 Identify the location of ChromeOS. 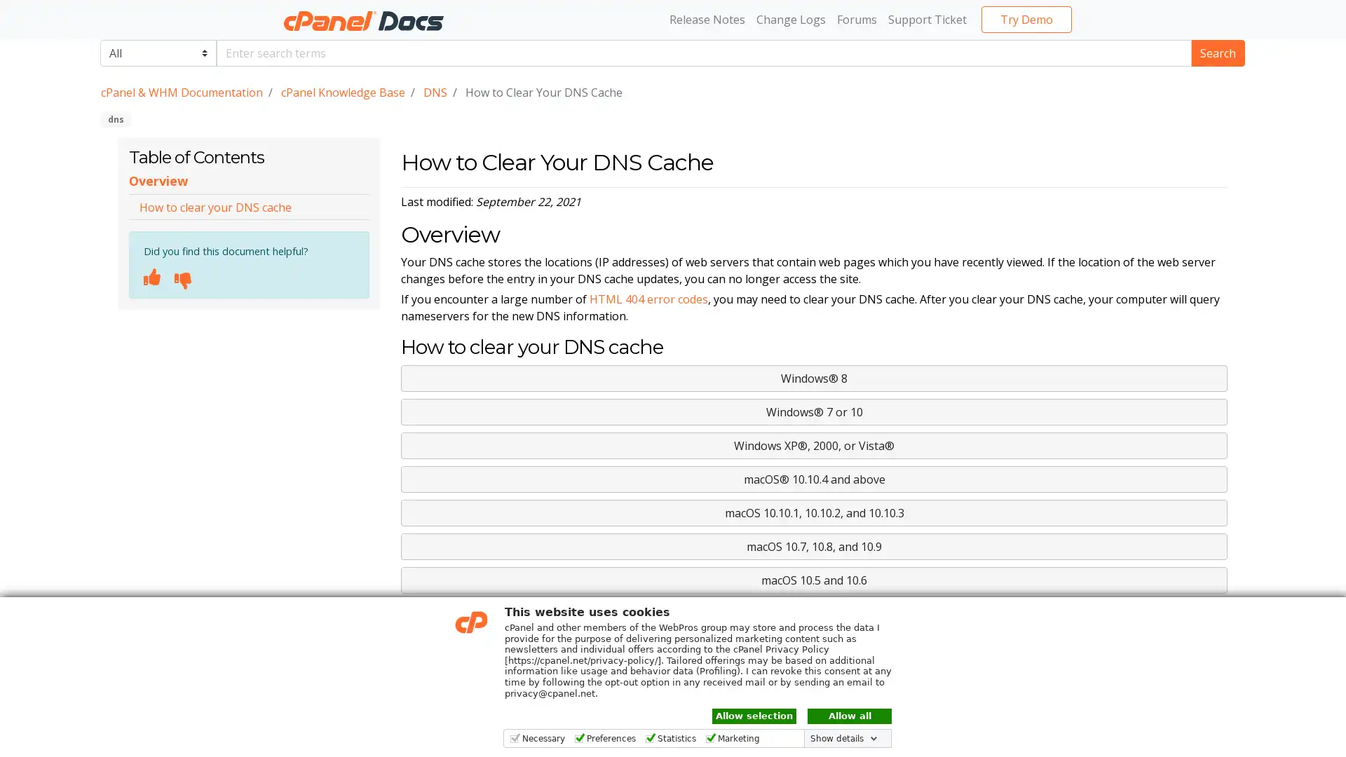
(814, 613).